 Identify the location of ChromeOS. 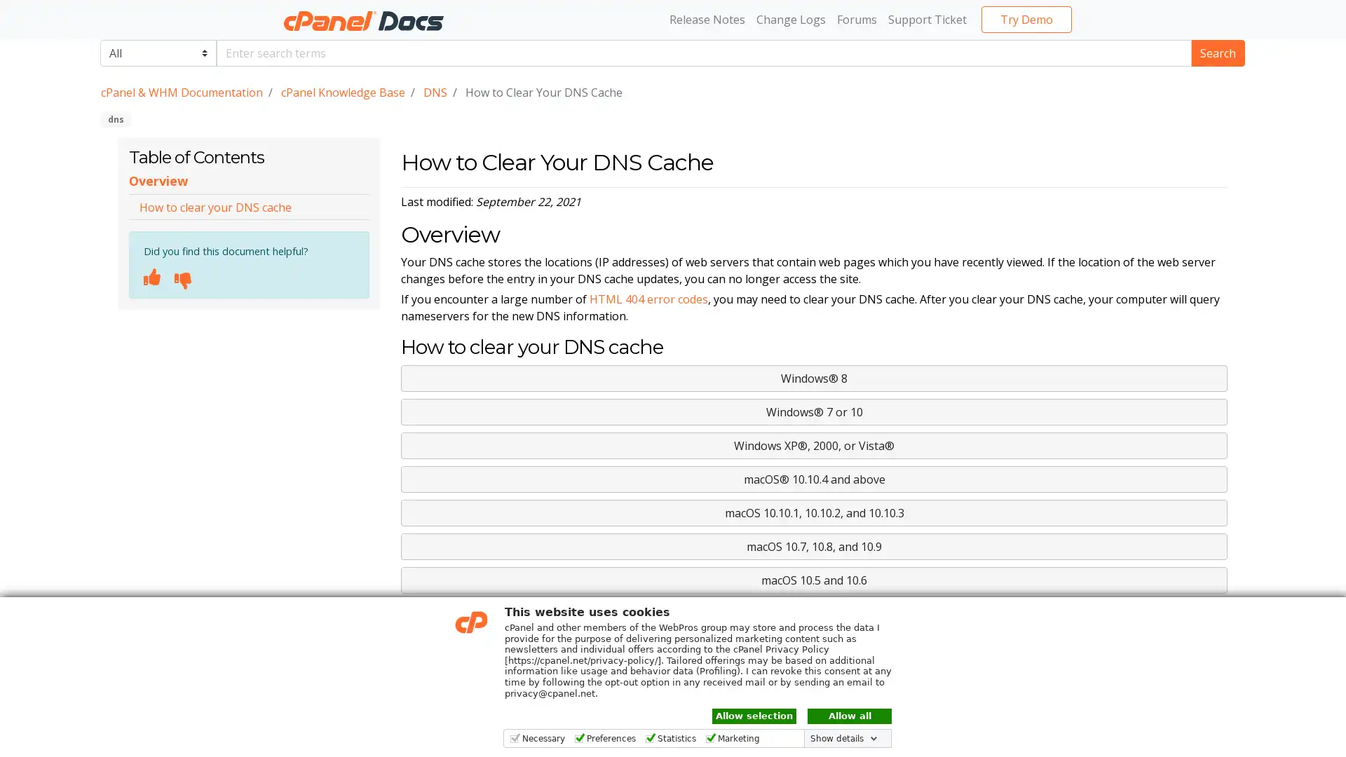
(814, 613).